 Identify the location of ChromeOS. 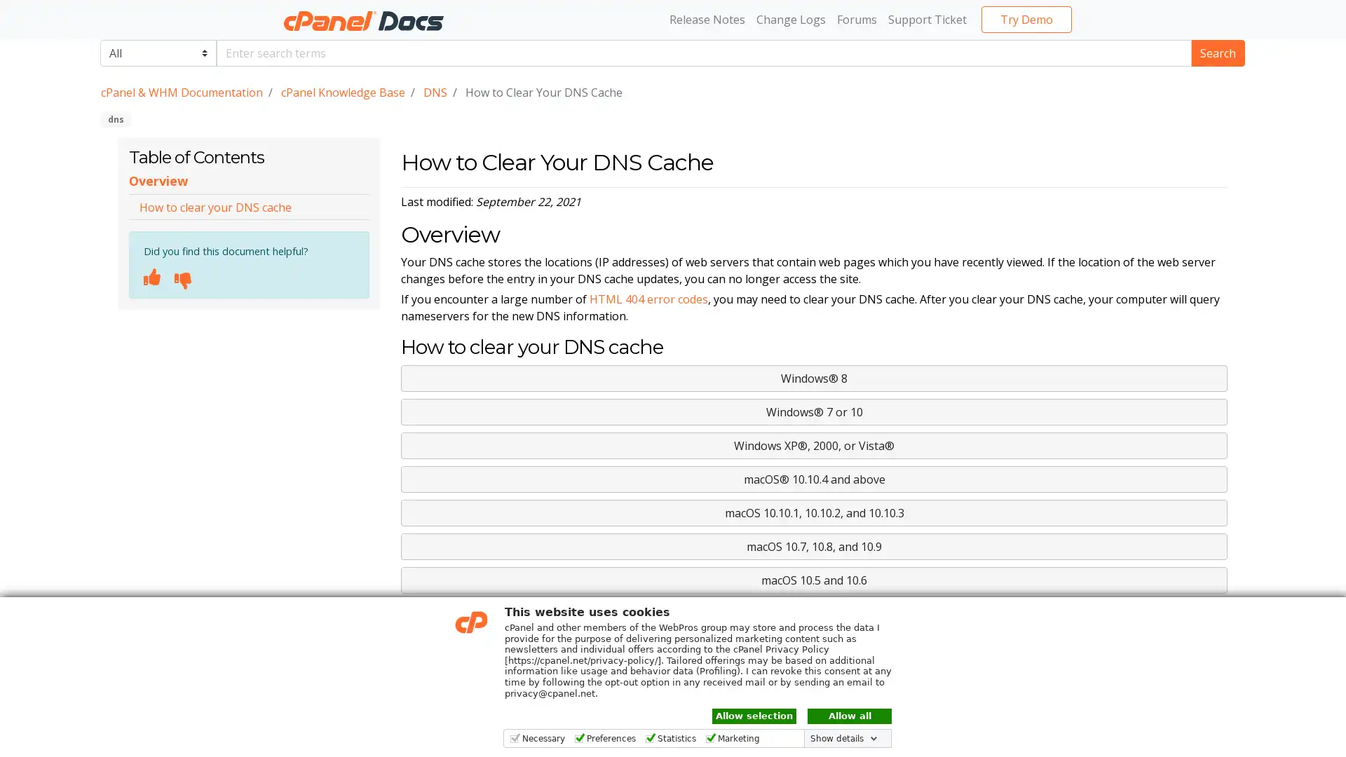
(814, 613).